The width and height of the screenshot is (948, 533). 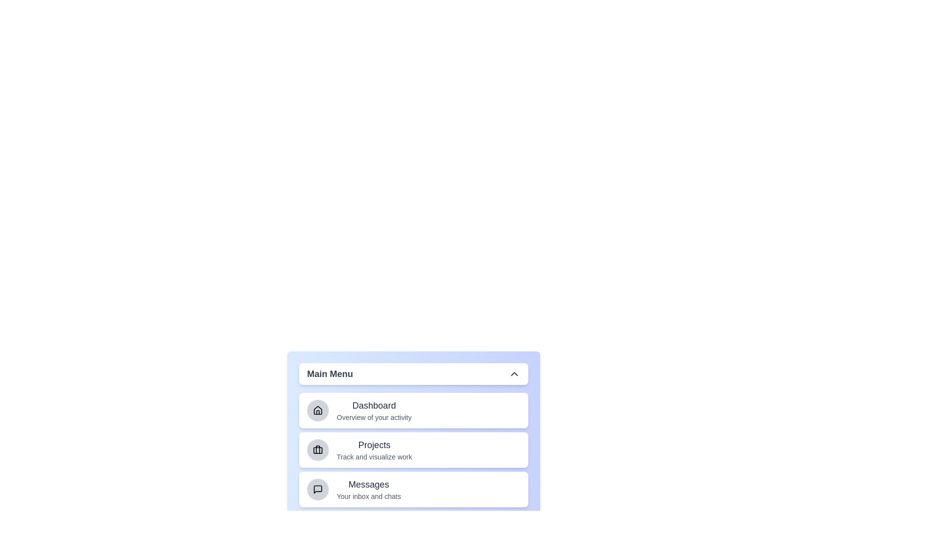 What do you see at coordinates (414, 374) in the screenshot?
I see `button labeled 'Main Menu' to toggle the menu open or closed` at bounding box center [414, 374].